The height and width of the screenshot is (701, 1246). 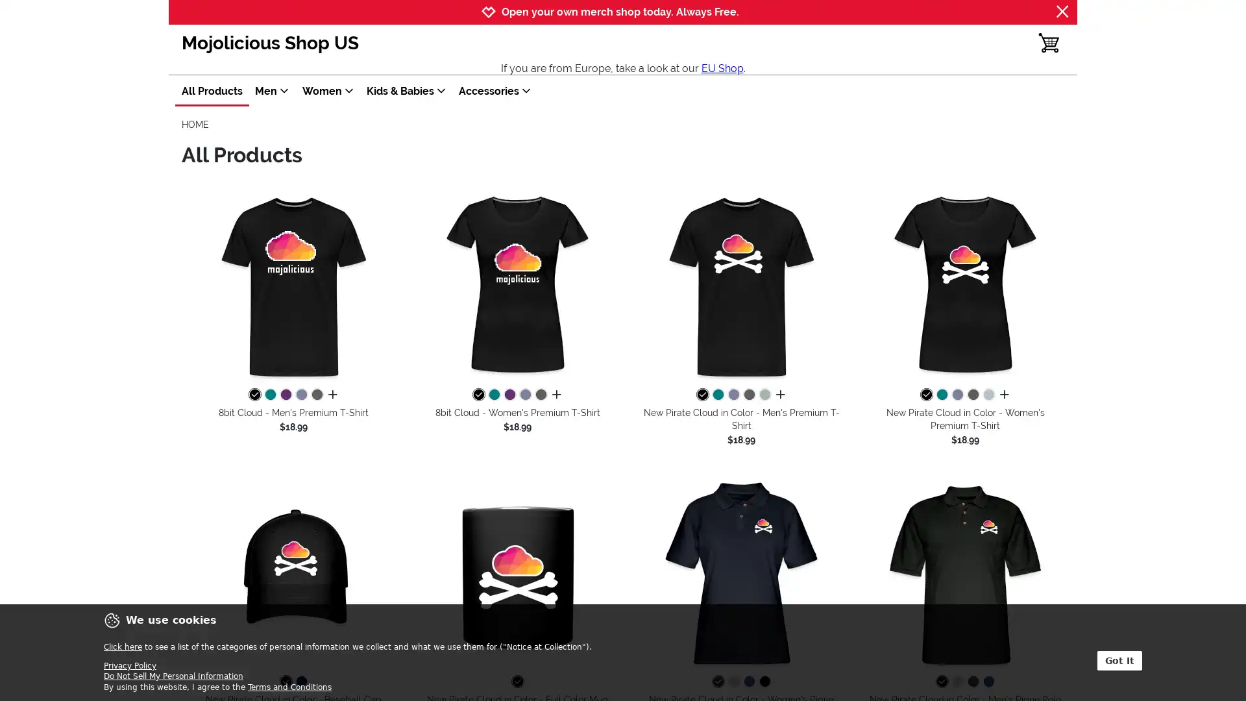 I want to click on charcoal grey, so click(x=972, y=395).